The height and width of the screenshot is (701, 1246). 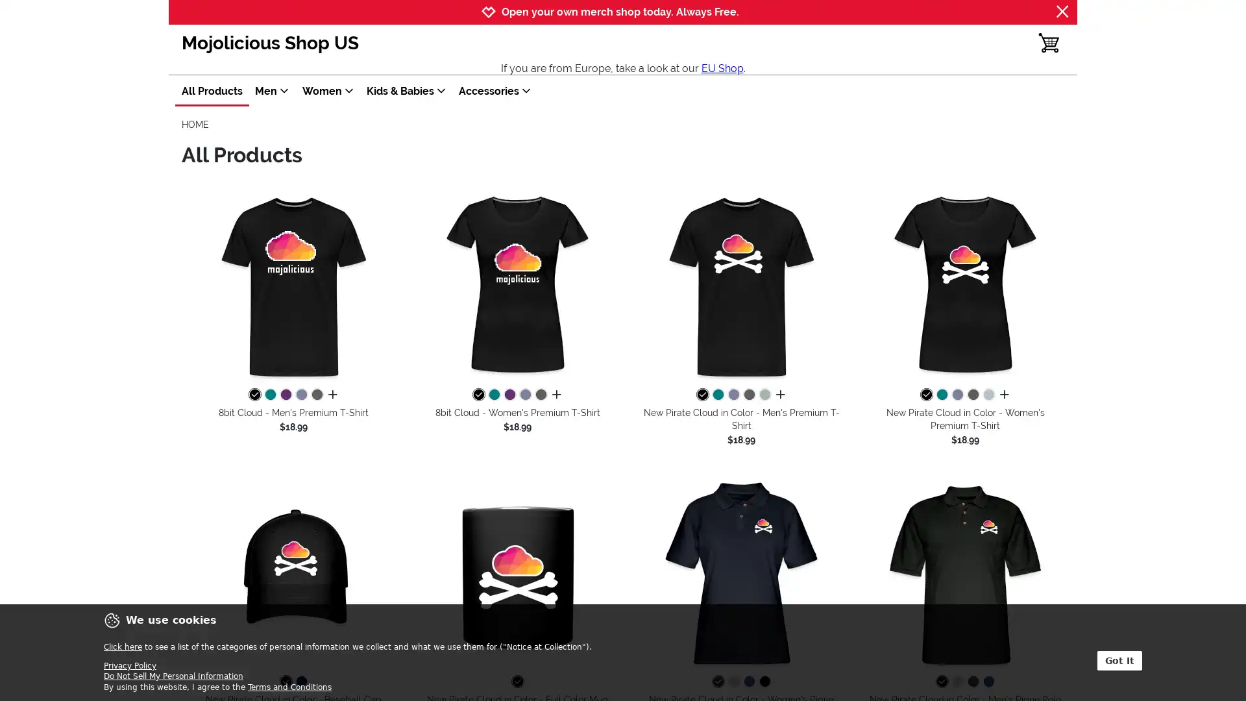 I want to click on charcoal grey, so click(x=972, y=395).